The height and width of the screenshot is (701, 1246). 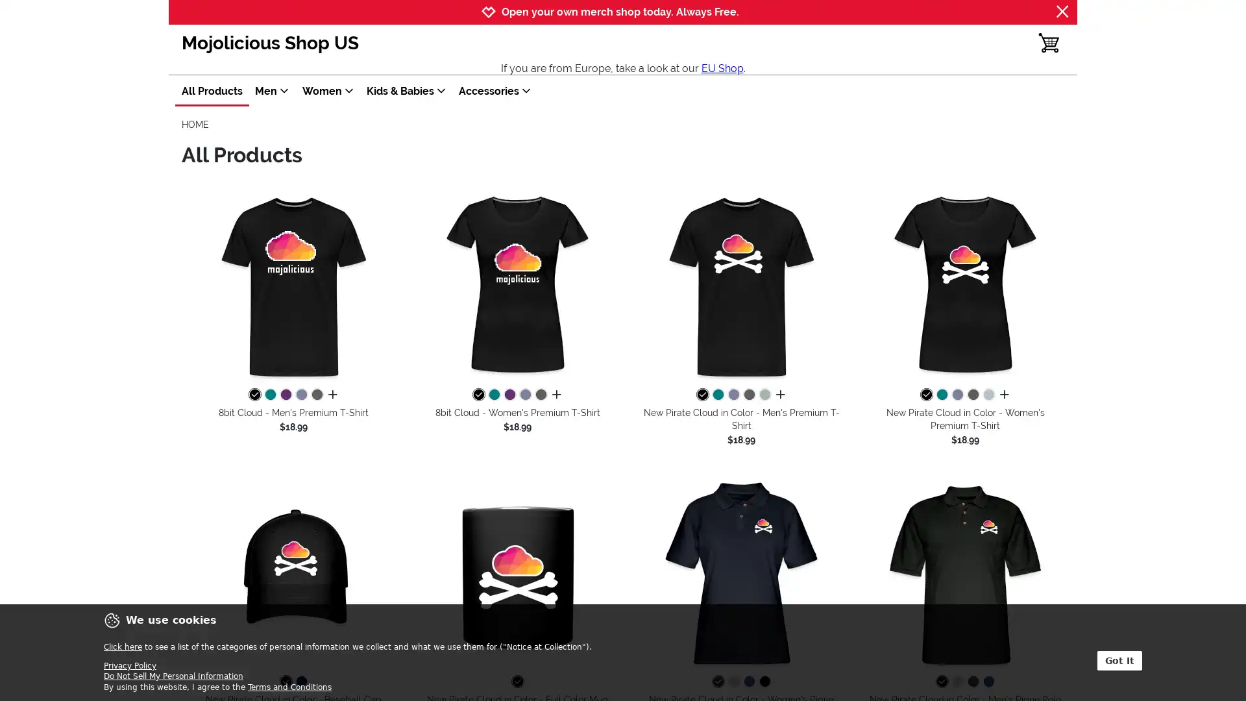 I want to click on charcoal grey, so click(x=972, y=395).